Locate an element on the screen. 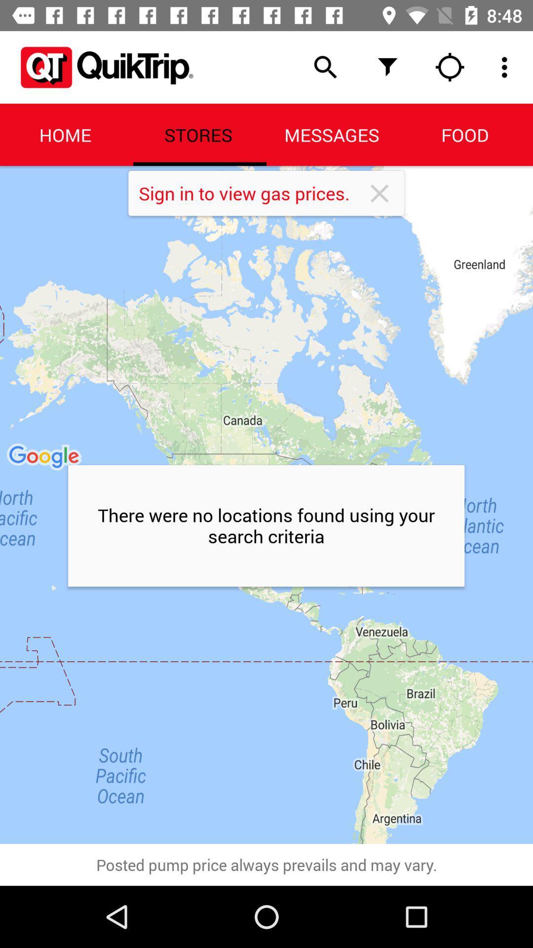 The image size is (533, 948). sign in to is located at coordinates (251, 193).